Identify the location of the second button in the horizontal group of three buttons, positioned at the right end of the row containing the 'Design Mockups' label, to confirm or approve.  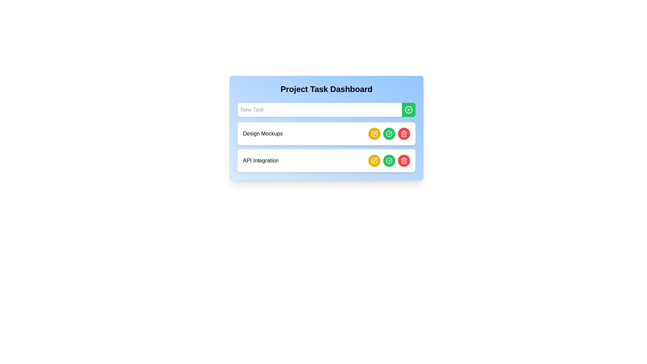
(389, 134).